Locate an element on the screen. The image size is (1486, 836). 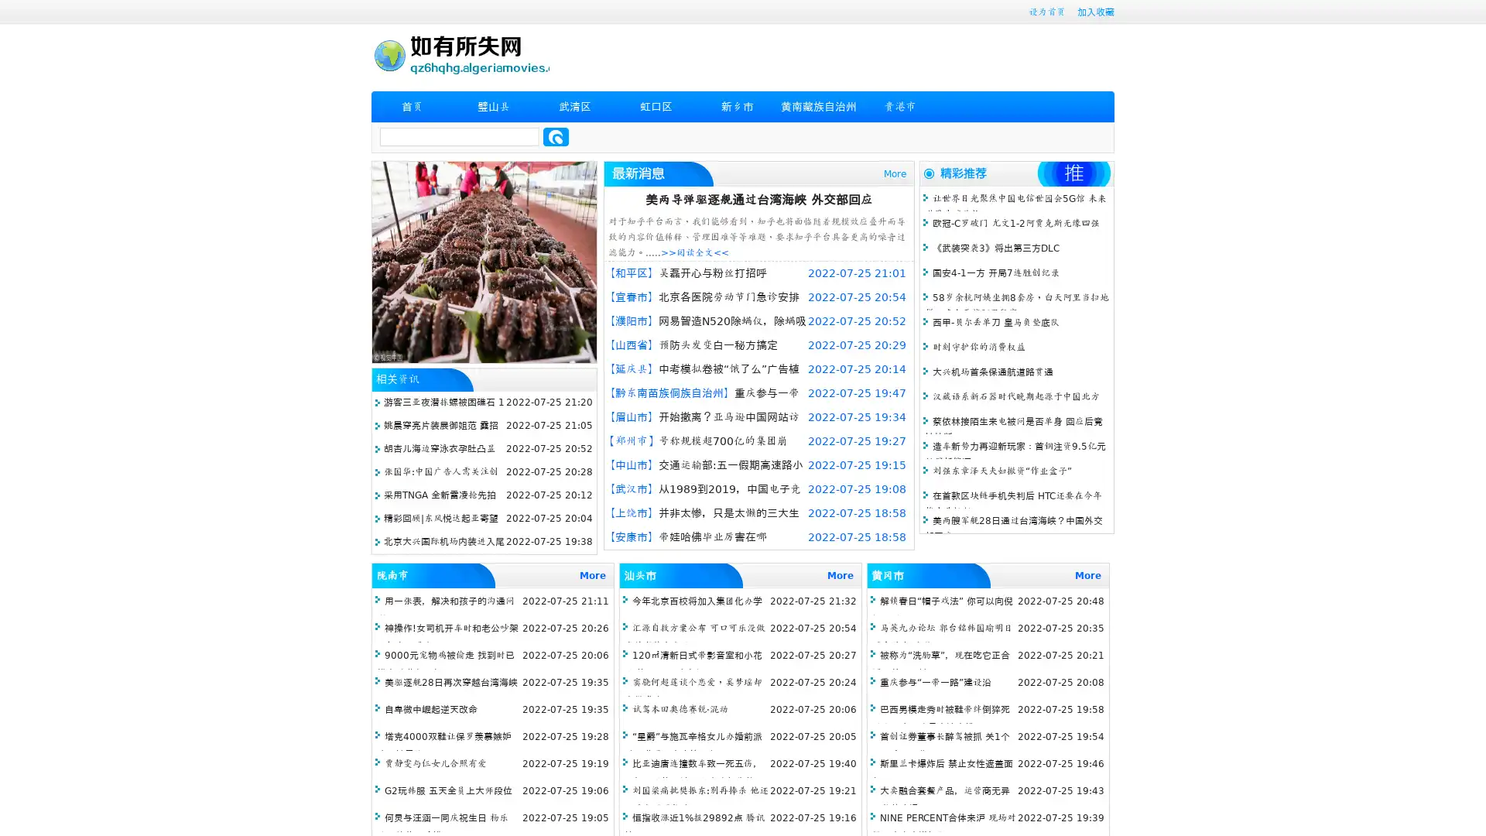
Search is located at coordinates (556, 136).